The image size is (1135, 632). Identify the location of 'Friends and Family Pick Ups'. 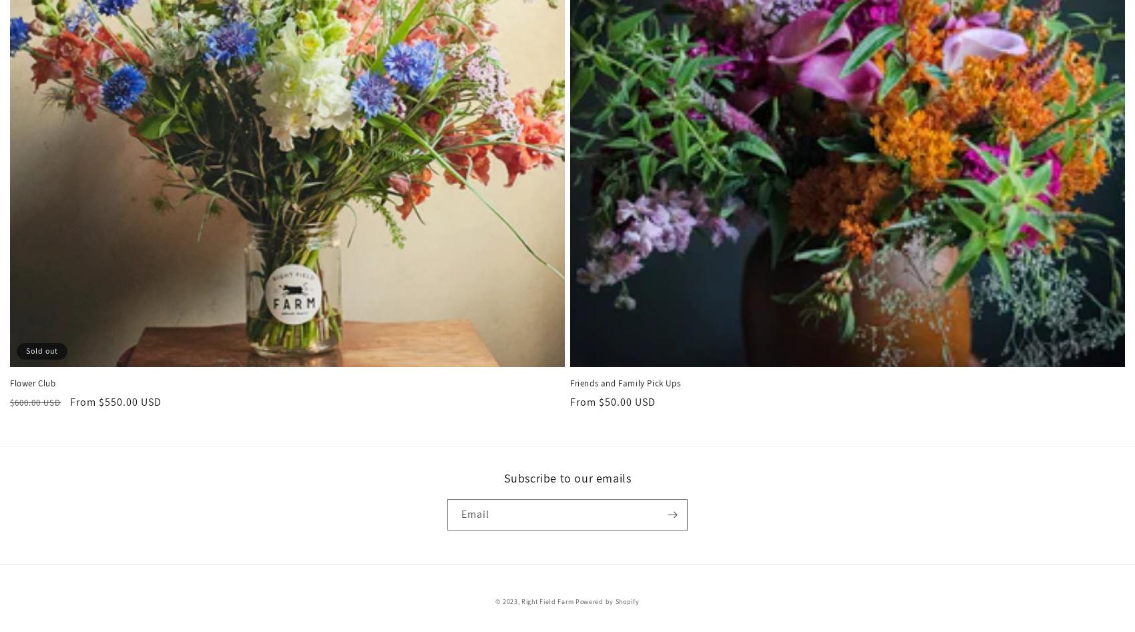
(625, 383).